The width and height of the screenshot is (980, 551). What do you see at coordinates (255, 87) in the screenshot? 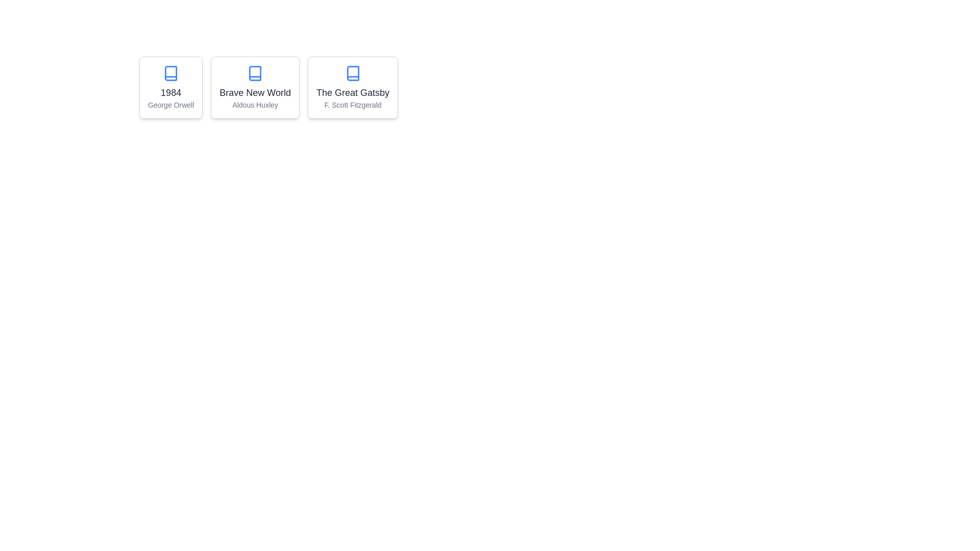
I see `the informational card displaying 'Brave New World' by Aldous Huxley, which is the second card in a row of three, identified by its blue book icon and bold text` at bounding box center [255, 87].